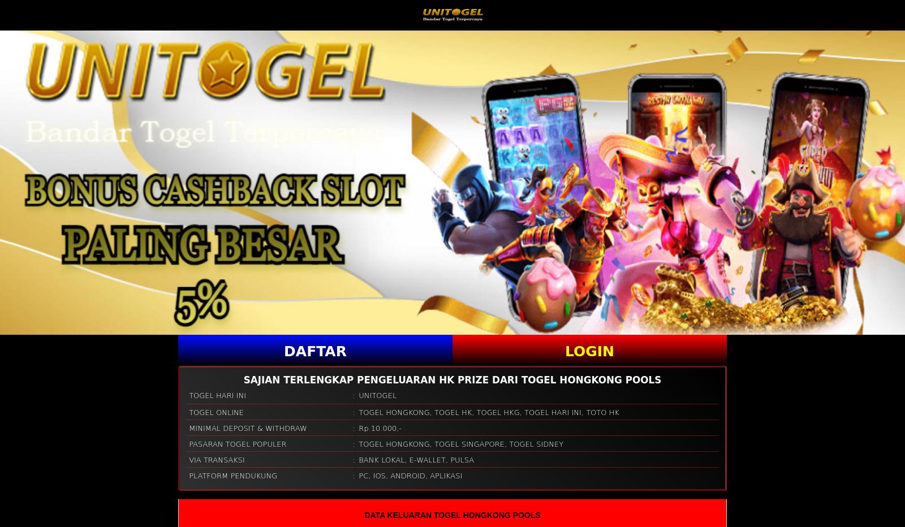  What do you see at coordinates (377, 395) in the screenshot?
I see `'UNITOGEL'` at bounding box center [377, 395].